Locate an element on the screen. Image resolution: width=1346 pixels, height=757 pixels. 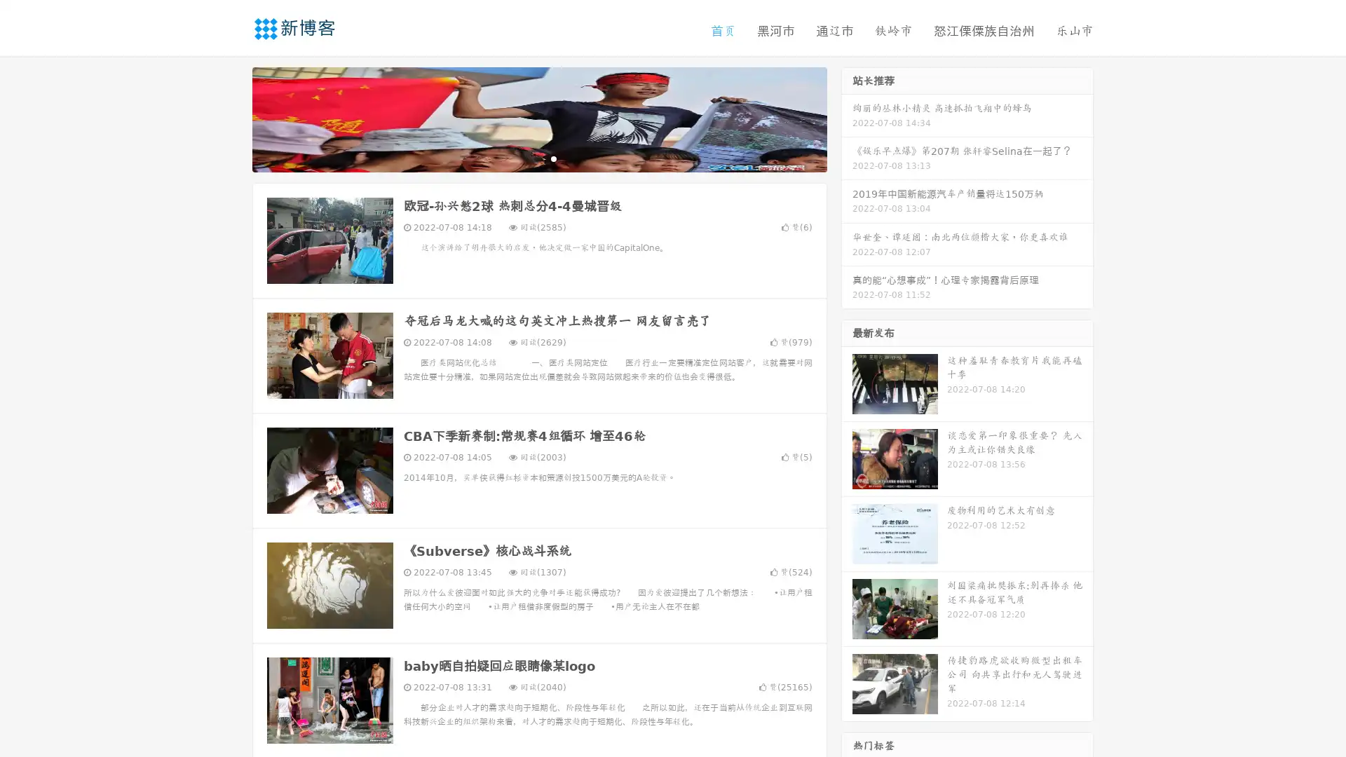
Go to slide 3 is located at coordinates (553, 158).